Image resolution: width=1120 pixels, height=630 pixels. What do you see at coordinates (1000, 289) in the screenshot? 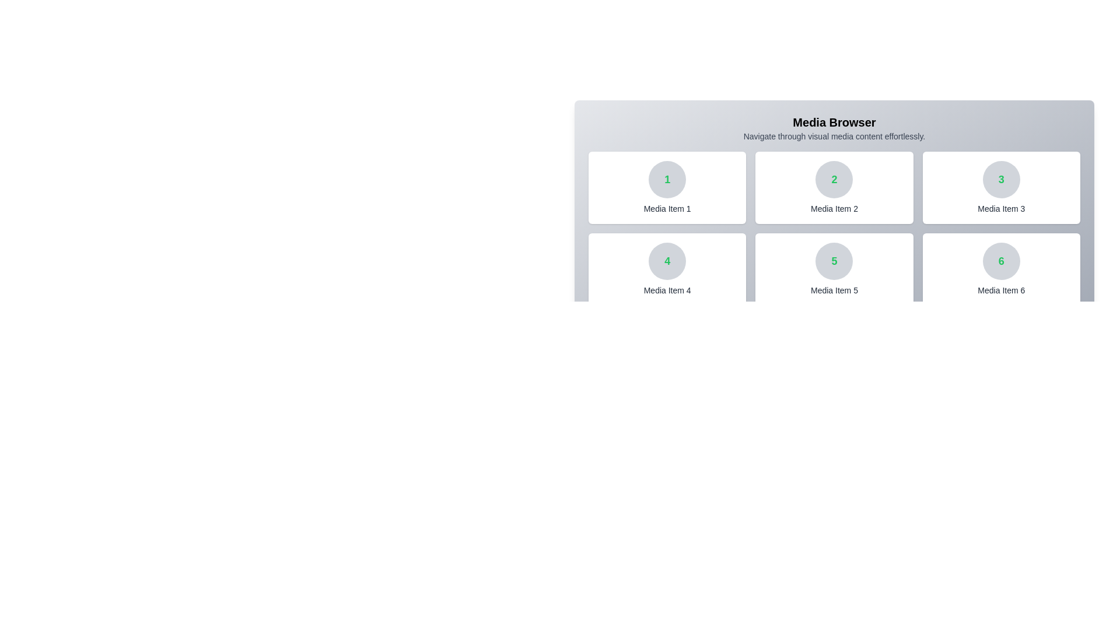
I see `the text label that reads 'Media Item 6', which is styled in a small-size font with a gray color, located in the bottom-right corner of the grid layout` at bounding box center [1000, 289].